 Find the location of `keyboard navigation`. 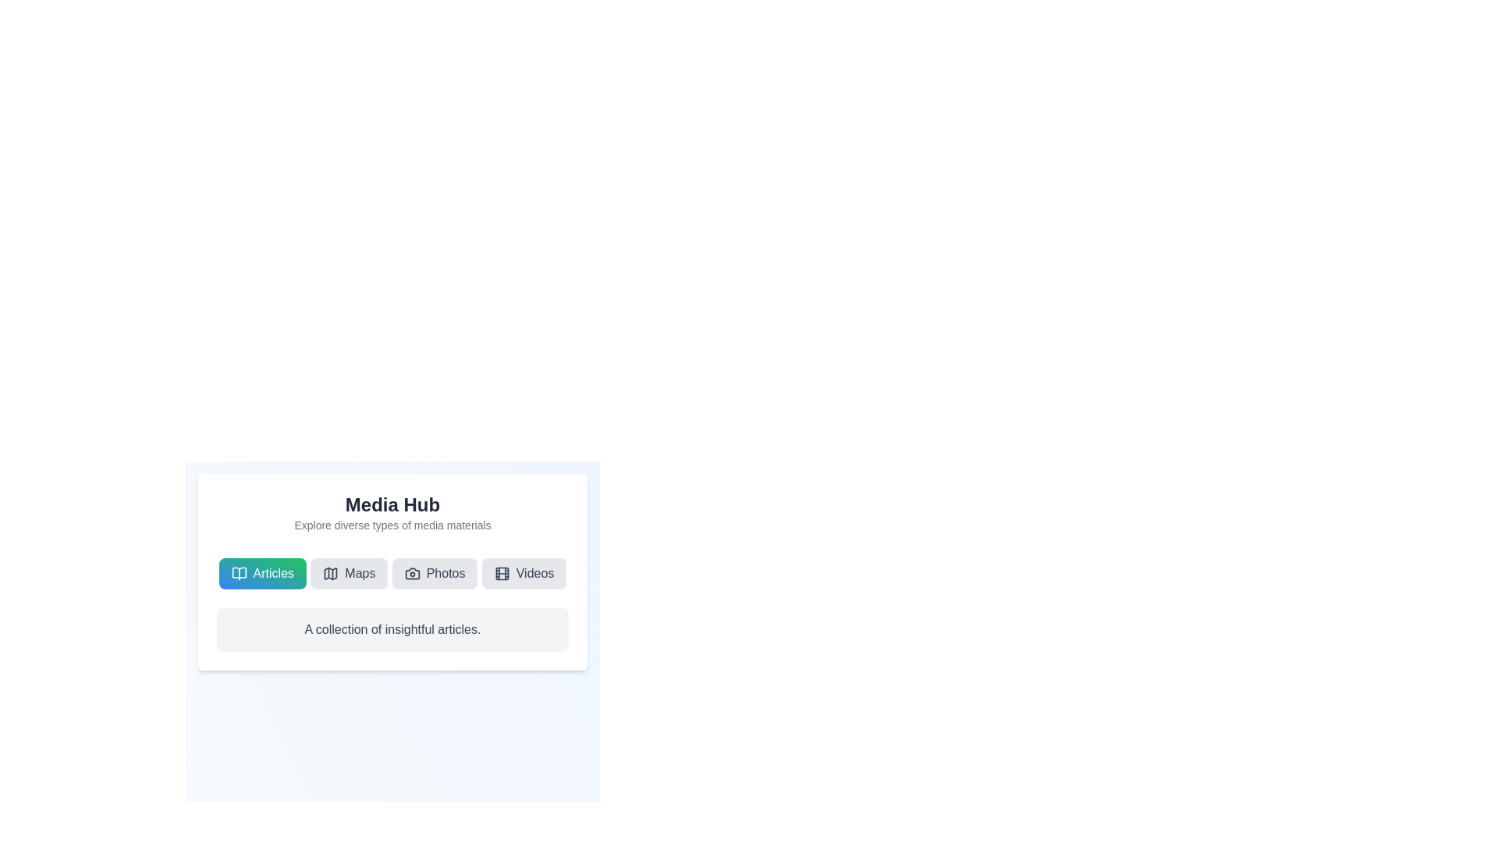

keyboard navigation is located at coordinates (330, 574).